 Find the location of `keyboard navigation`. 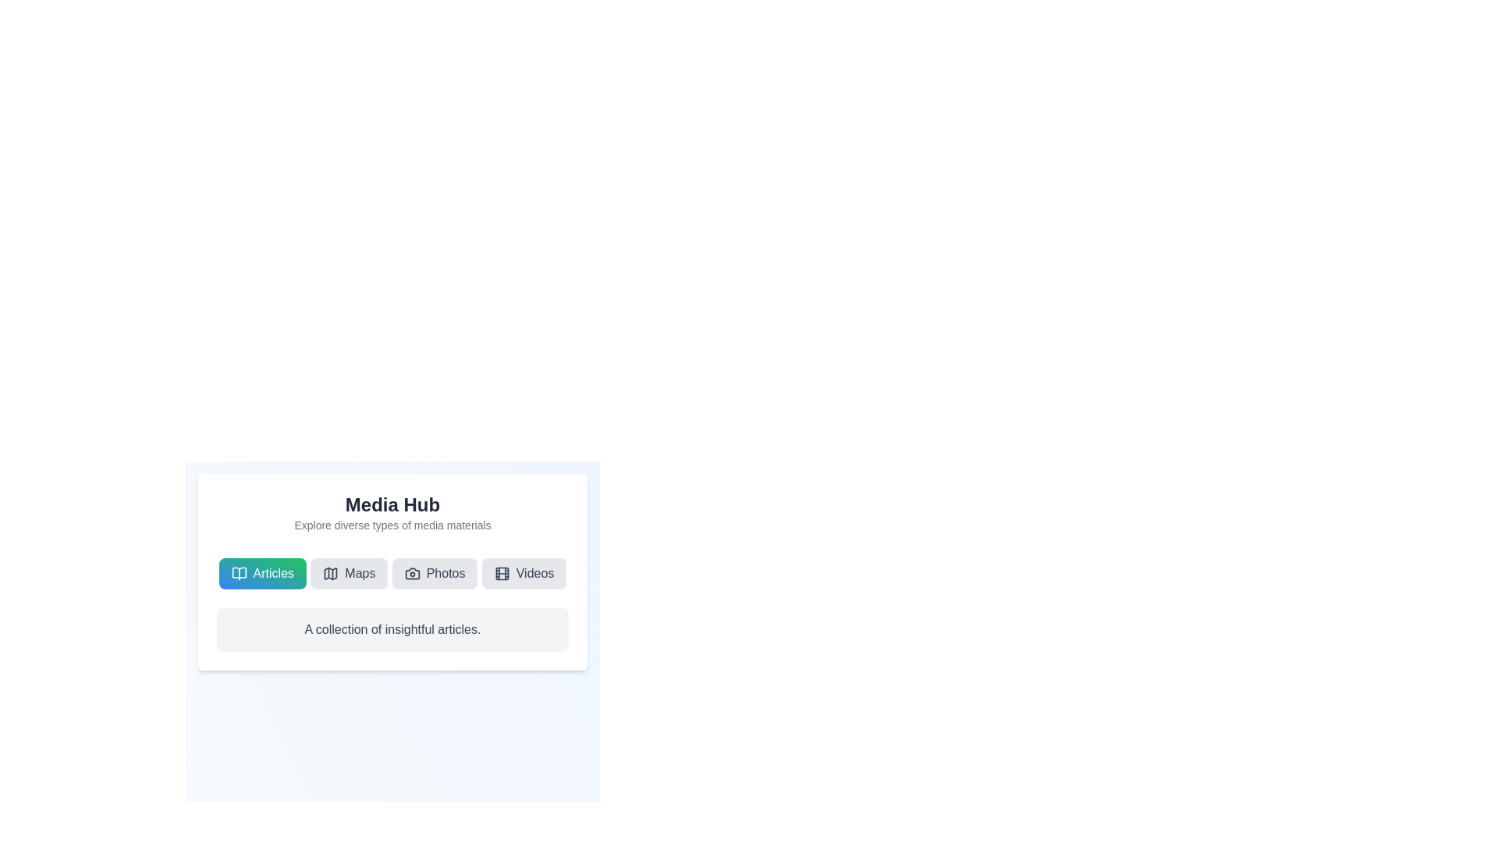

keyboard navigation is located at coordinates (330, 574).